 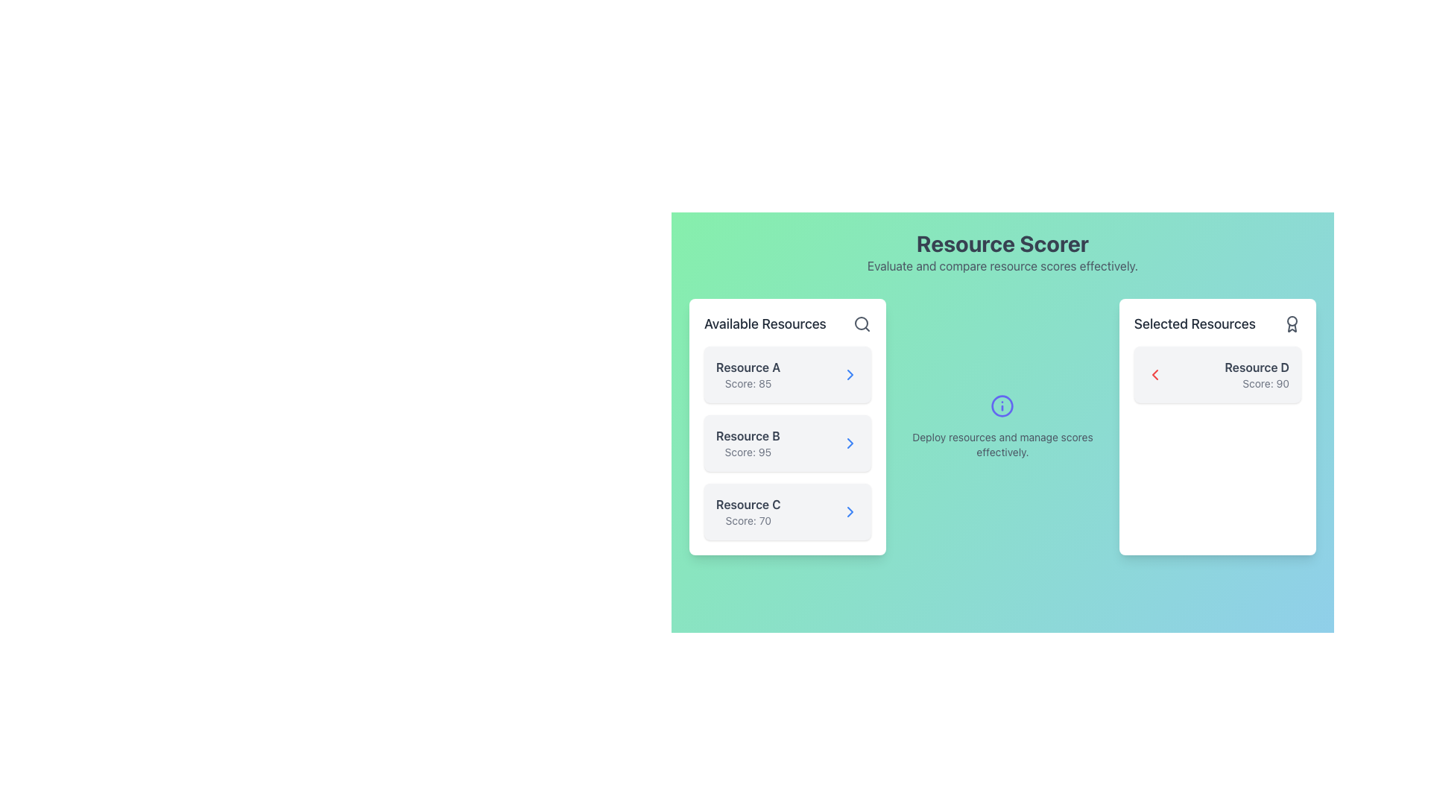 What do you see at coordinates (1154, 373) in the screenshot?
I see `the back icon button located near the upper left corner inside the card representing 'Resource D' in the 'Selected Resources' section` at bounding box center [1154, 373].